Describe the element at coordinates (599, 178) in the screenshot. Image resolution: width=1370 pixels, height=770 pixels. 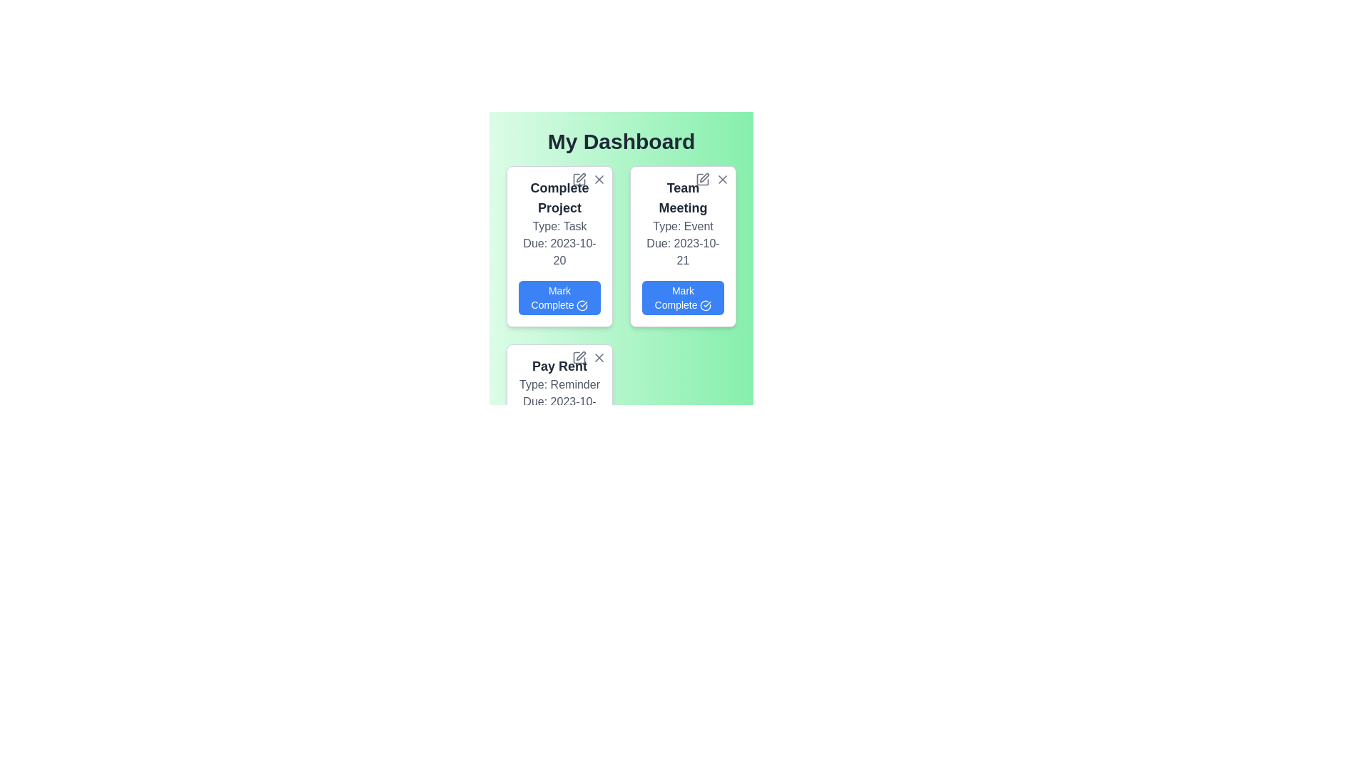
I see `the close or delete button located in the upper-right corner of the 'Complete Project' card, positioned to the right of a pencil icon` at that location.